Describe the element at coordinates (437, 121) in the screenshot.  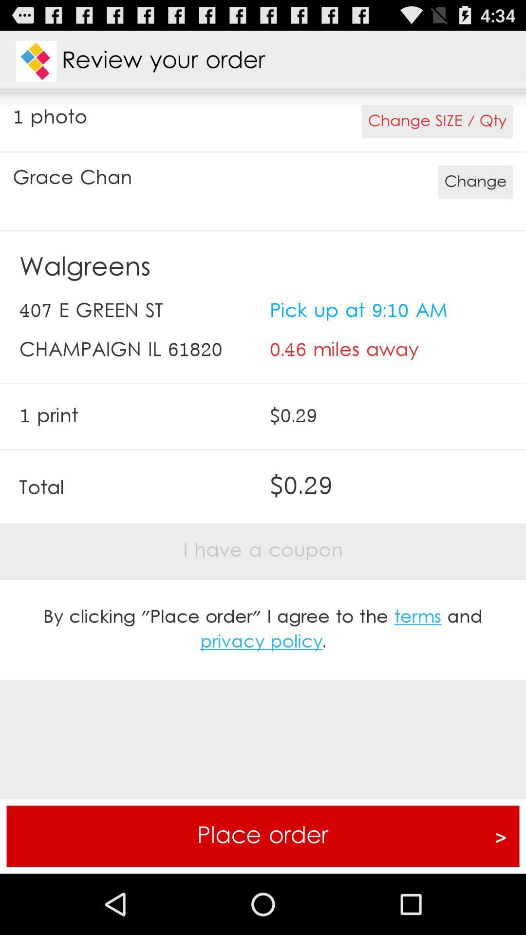
I see `app to the right of the 1 photo app` at that location.